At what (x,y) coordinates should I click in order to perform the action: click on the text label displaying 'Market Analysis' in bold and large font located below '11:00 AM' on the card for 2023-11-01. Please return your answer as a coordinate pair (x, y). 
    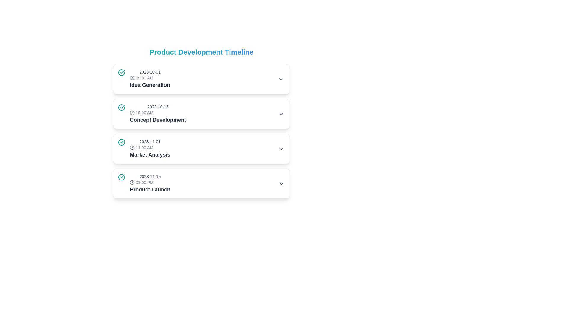
    Looking at the image, I should click on (150, 154).